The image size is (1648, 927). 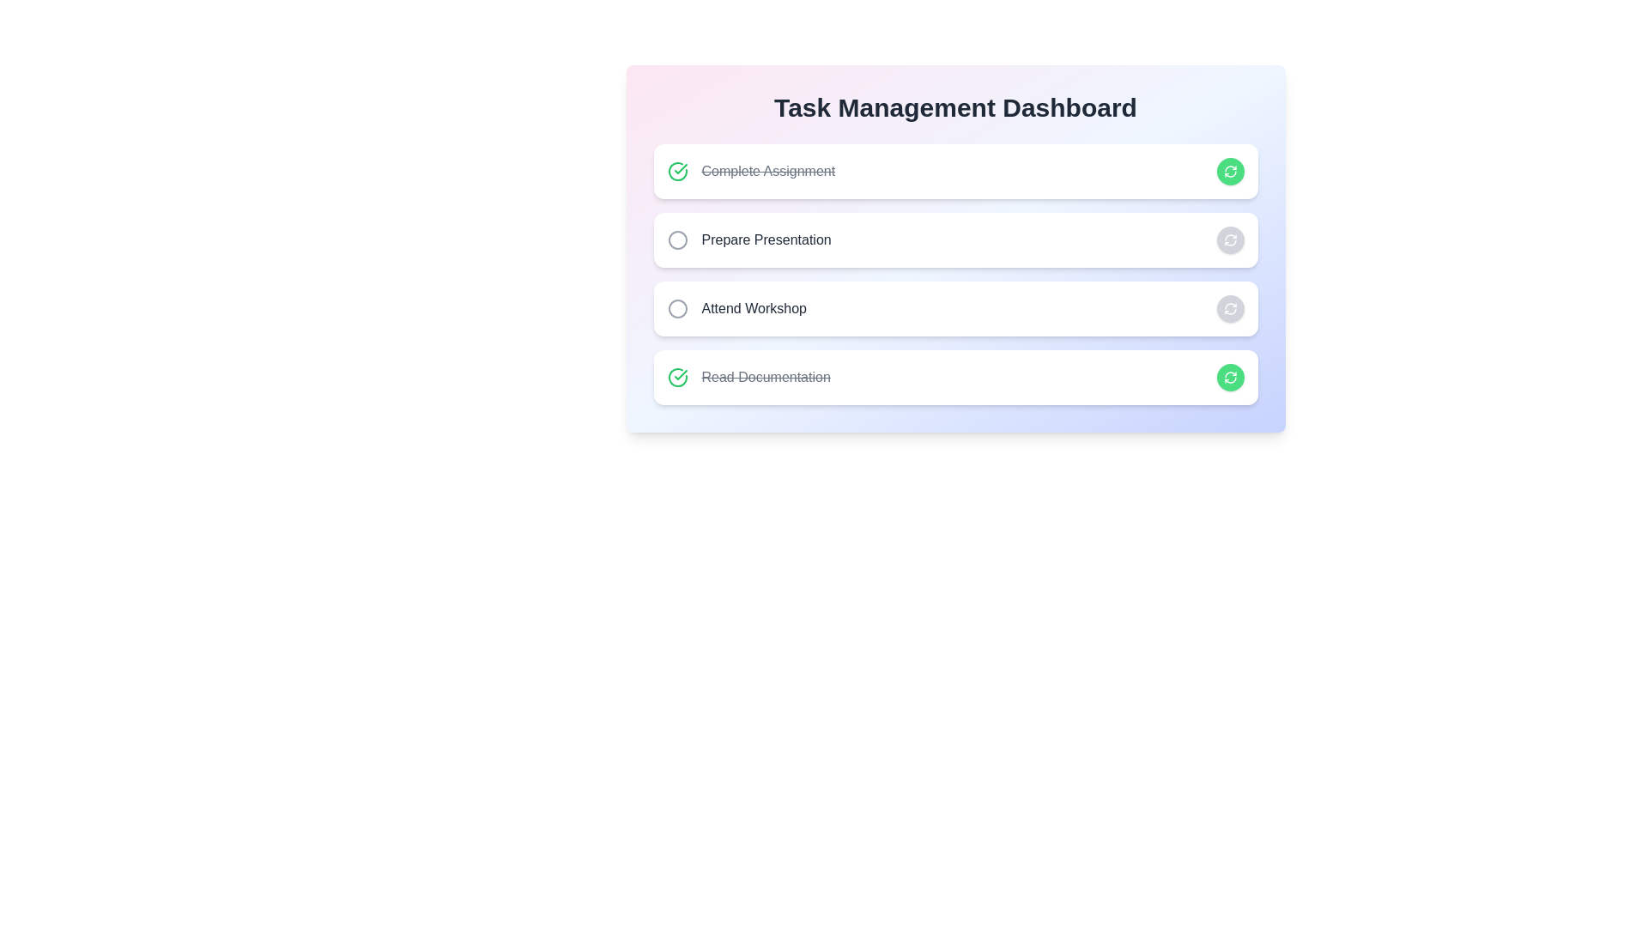 What do you see at coordinates (1229, 172) in the screenshot?
I see `the button corresponding to Complete Assignment` at bounding box center [1229, 172].